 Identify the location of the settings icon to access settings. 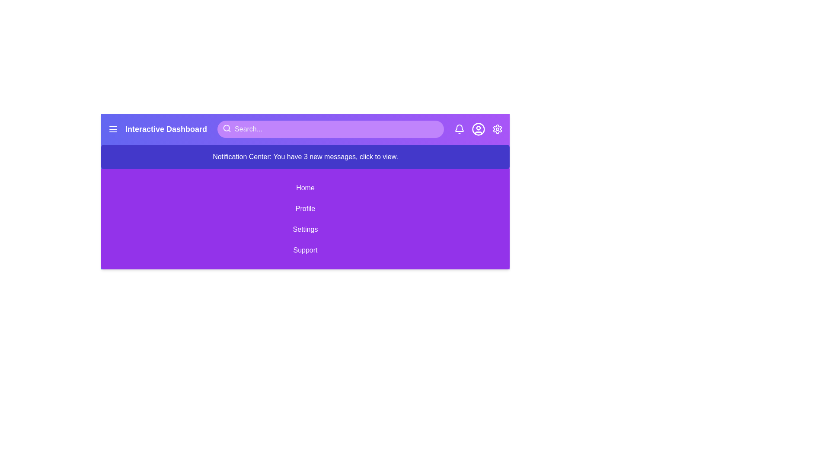
(498, 129).